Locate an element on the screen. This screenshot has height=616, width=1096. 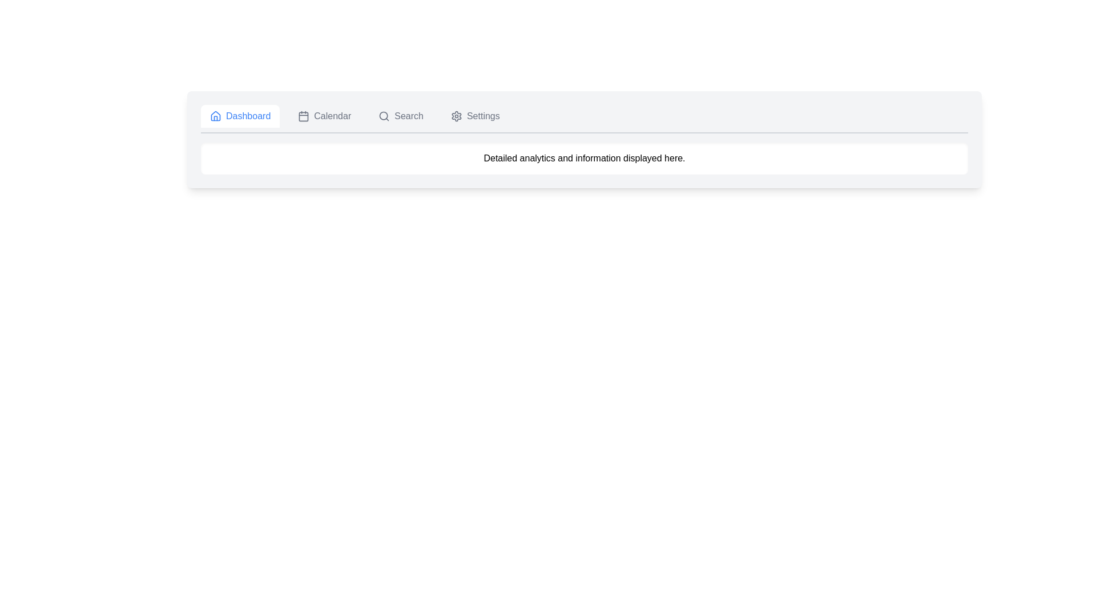
the 'Dashboard' button, which features a house icon and blue text, located at the far-left of the top horizontal navigation menu is located at coordinates (240, 116).